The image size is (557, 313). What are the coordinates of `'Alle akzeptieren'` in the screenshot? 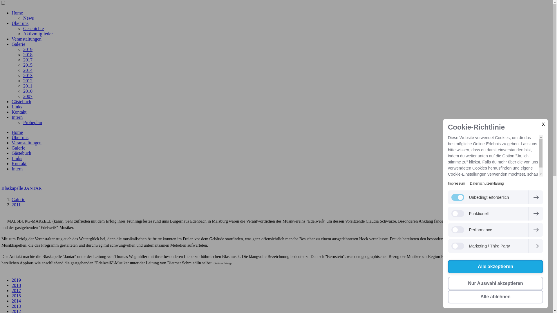 It's located at (495, 267).